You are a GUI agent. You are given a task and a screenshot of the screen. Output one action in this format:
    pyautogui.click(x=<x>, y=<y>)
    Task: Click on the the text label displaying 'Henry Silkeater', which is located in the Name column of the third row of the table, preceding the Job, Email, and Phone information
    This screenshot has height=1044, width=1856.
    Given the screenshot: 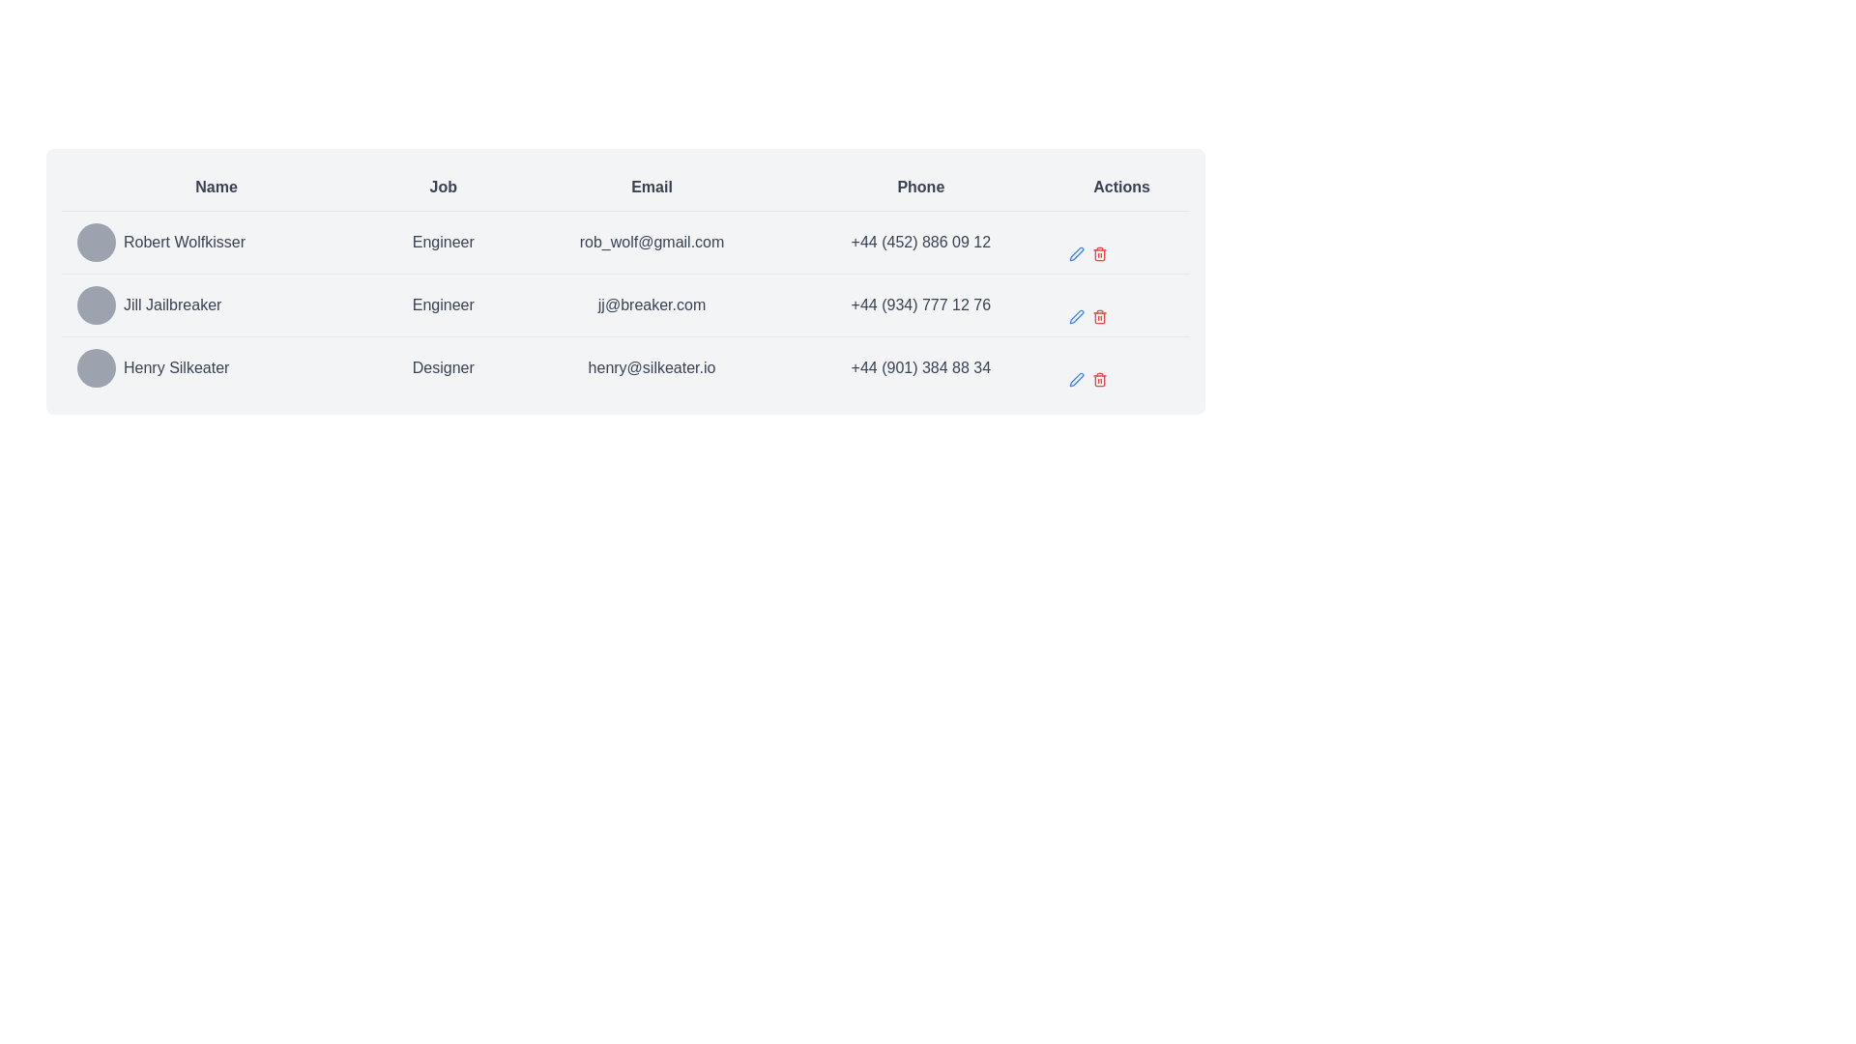 What is the action you would take?
    pyautogui.click(x=217, y=368)
    